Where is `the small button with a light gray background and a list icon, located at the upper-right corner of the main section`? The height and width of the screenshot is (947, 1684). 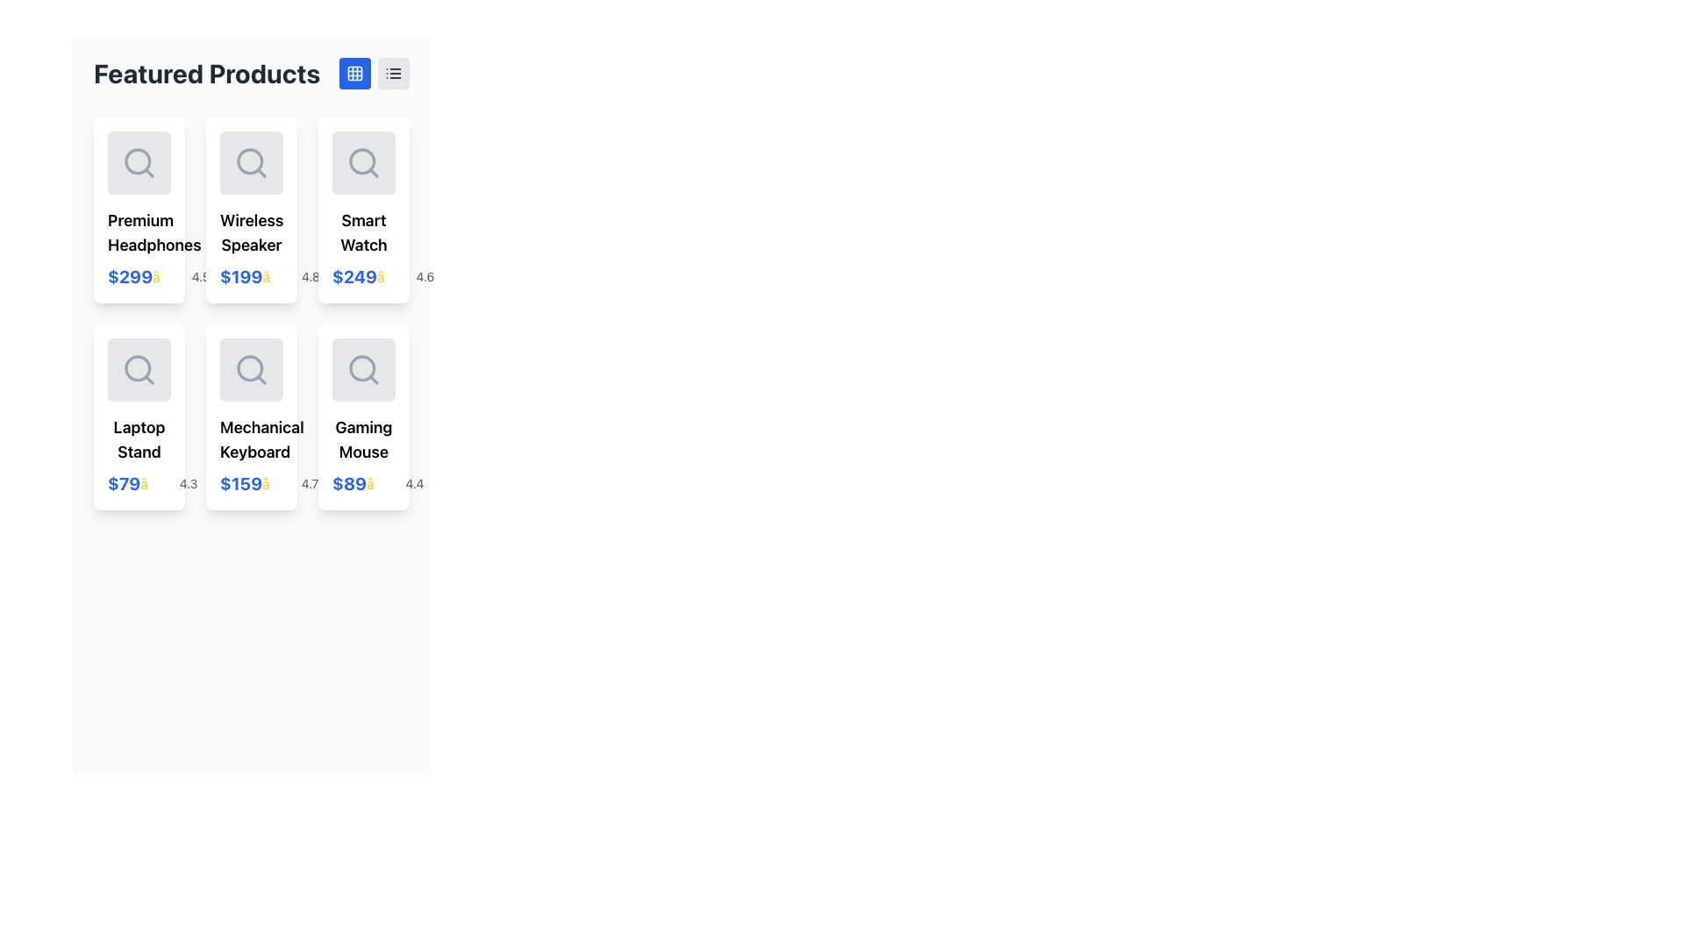 the small button with a light gray background and a list icon, located at the upper-right corner of the main section is located at coordinates (393, 73).